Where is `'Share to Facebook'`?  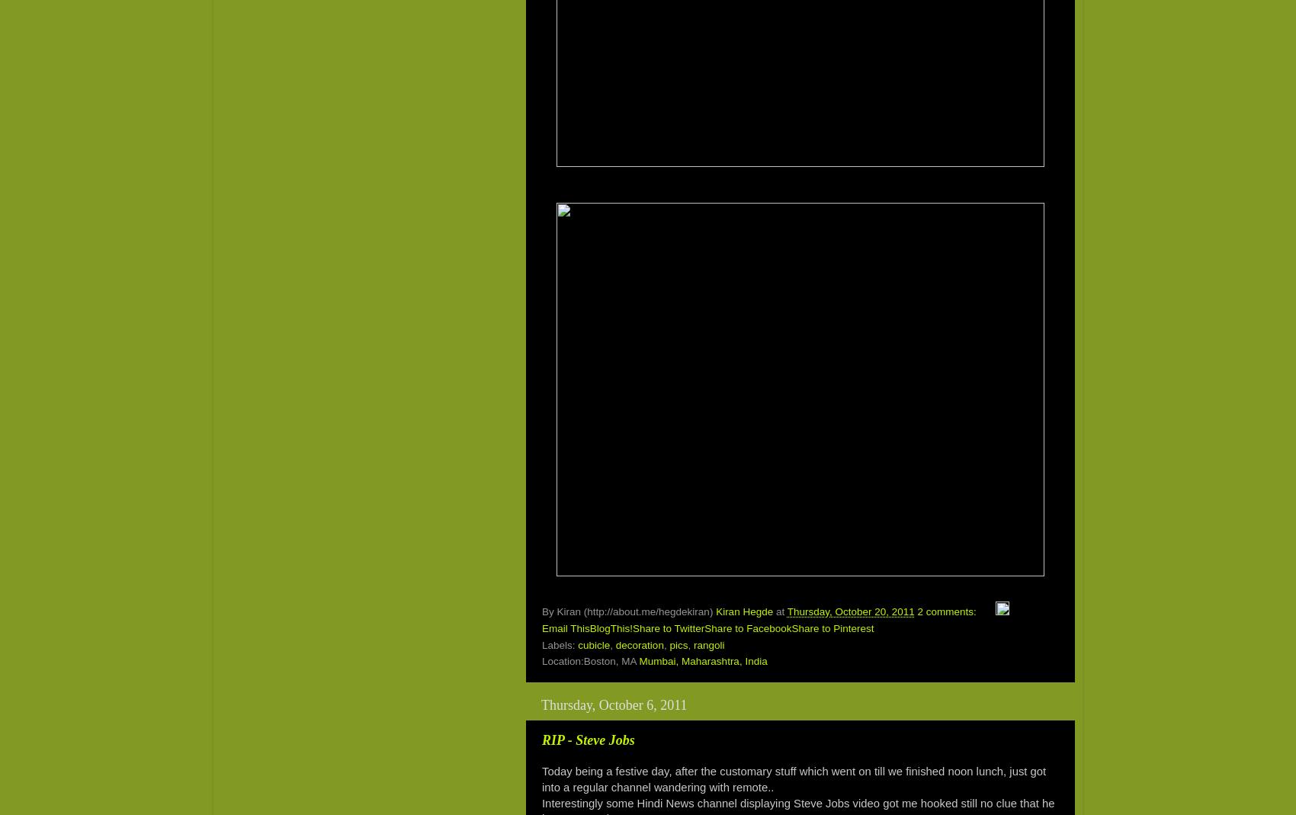
'Share to Facebook' is located at coordinates (747, 628).